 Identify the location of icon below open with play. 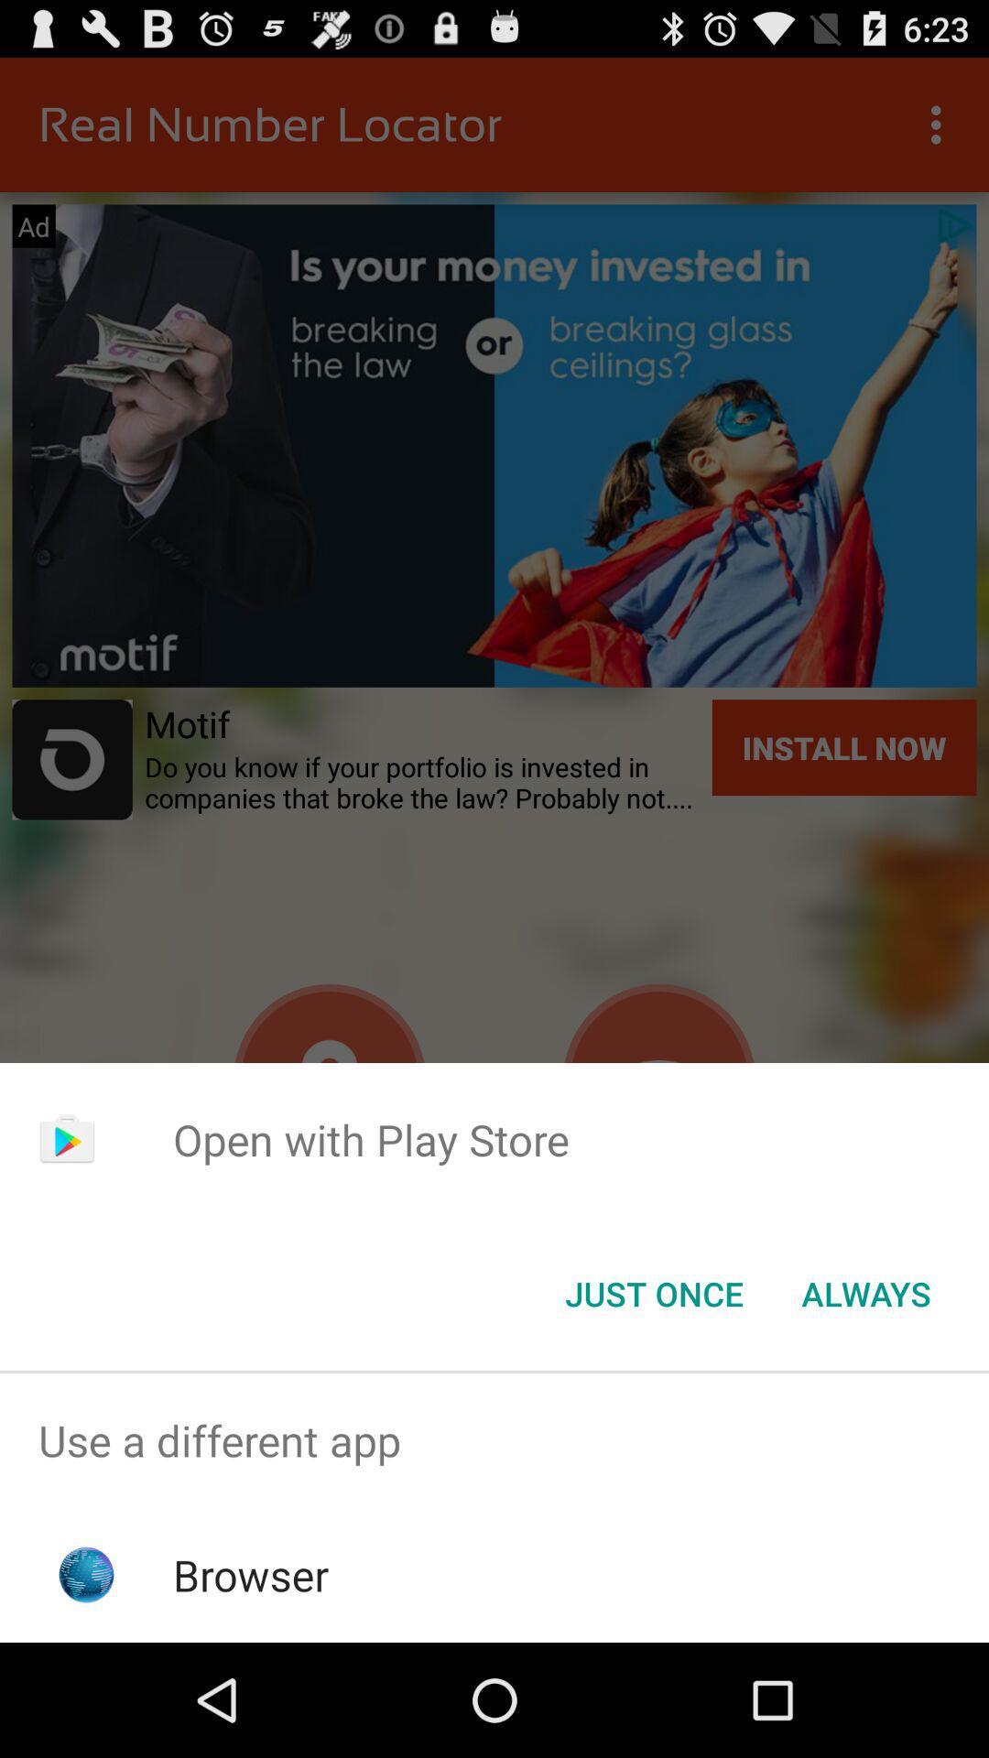
(653, 1292).